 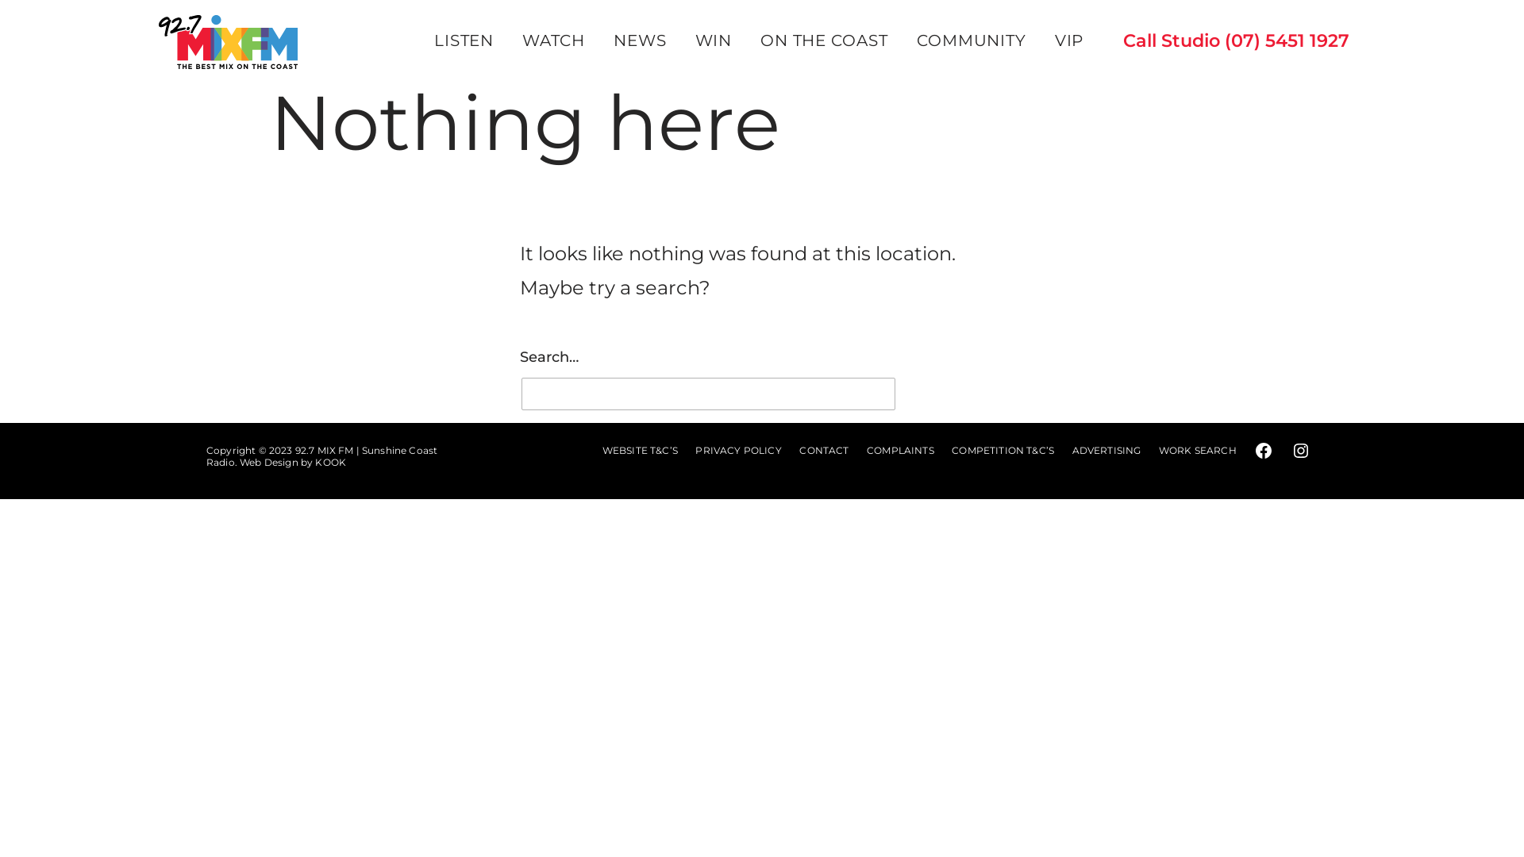 I want to click on 'WATCH', so click(x=553, y=39).